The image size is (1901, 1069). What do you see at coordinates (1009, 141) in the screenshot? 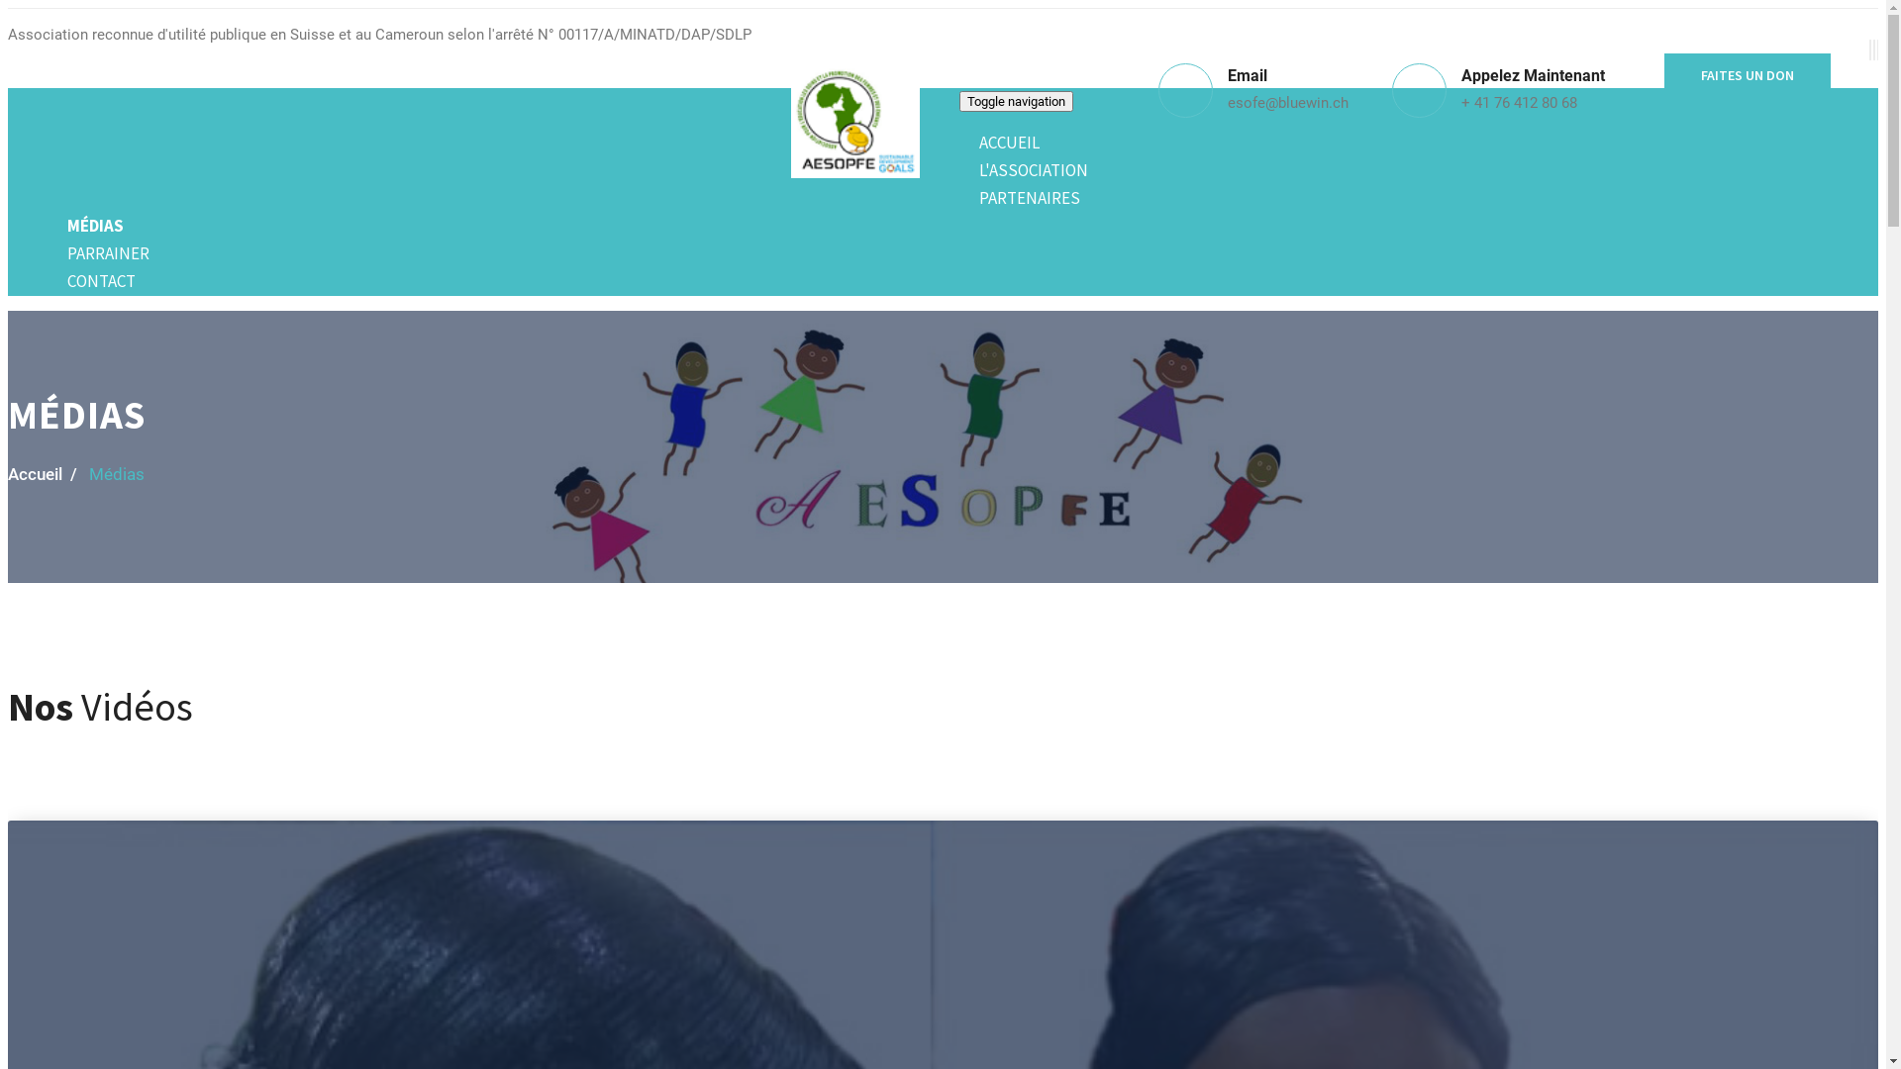
I see `'ACCUEIL'` at bounding box center [1009, 141].